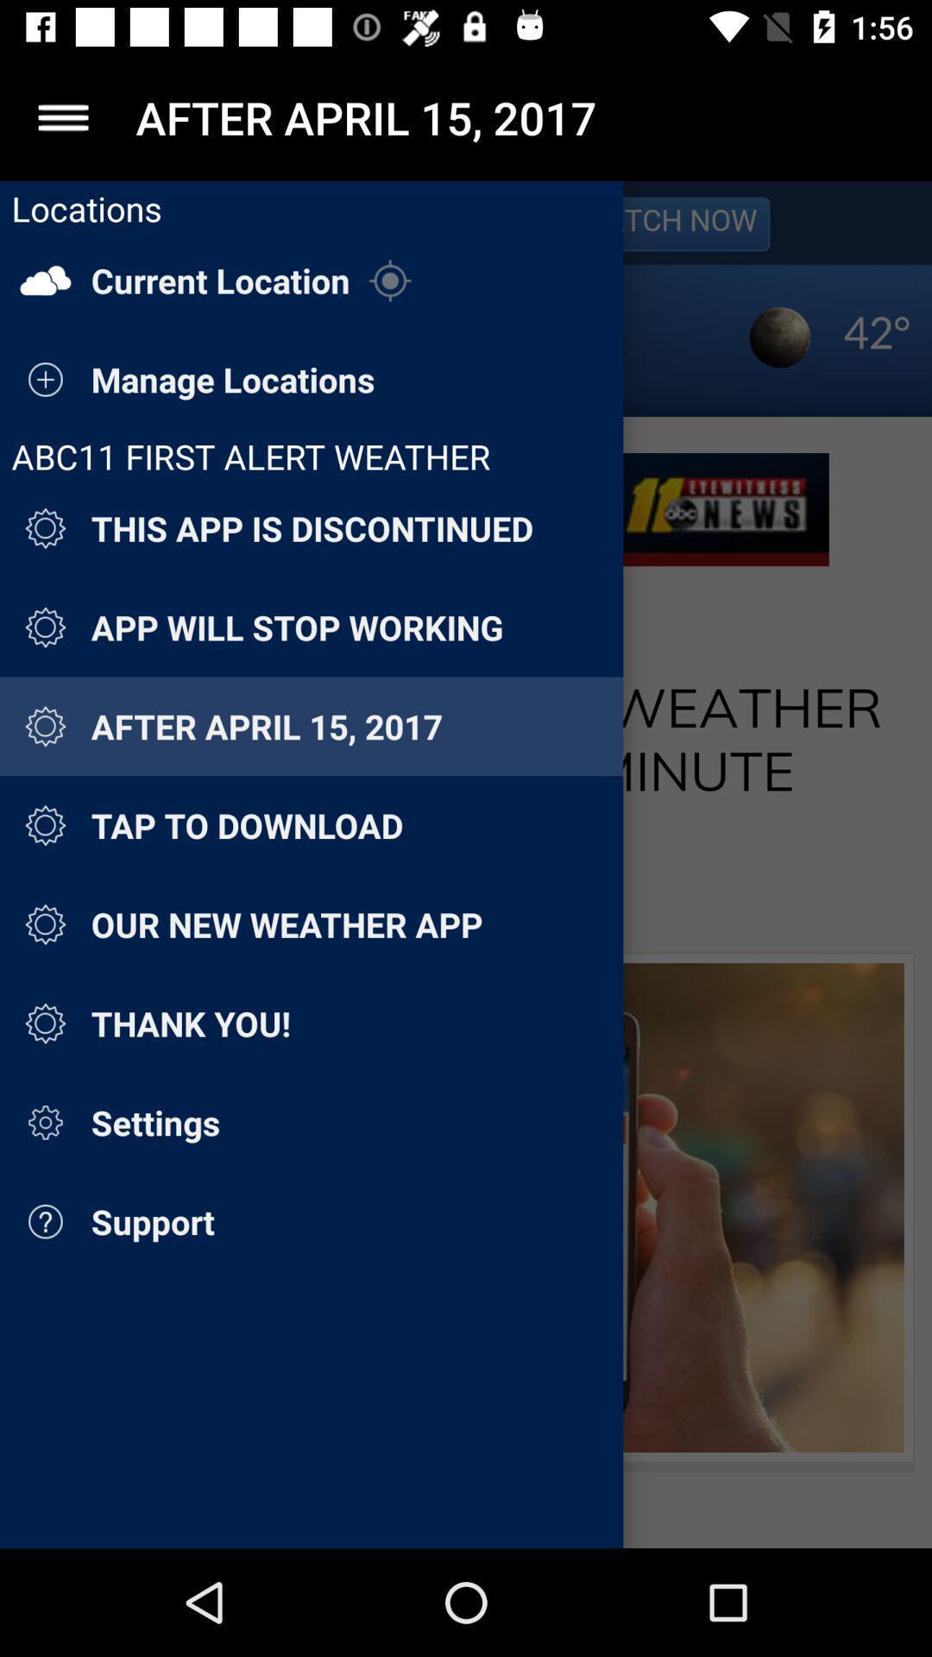  What do you see at coordinates (62, 117) in the screenshot?
I see `context menu` at bounding box center [62, 117].